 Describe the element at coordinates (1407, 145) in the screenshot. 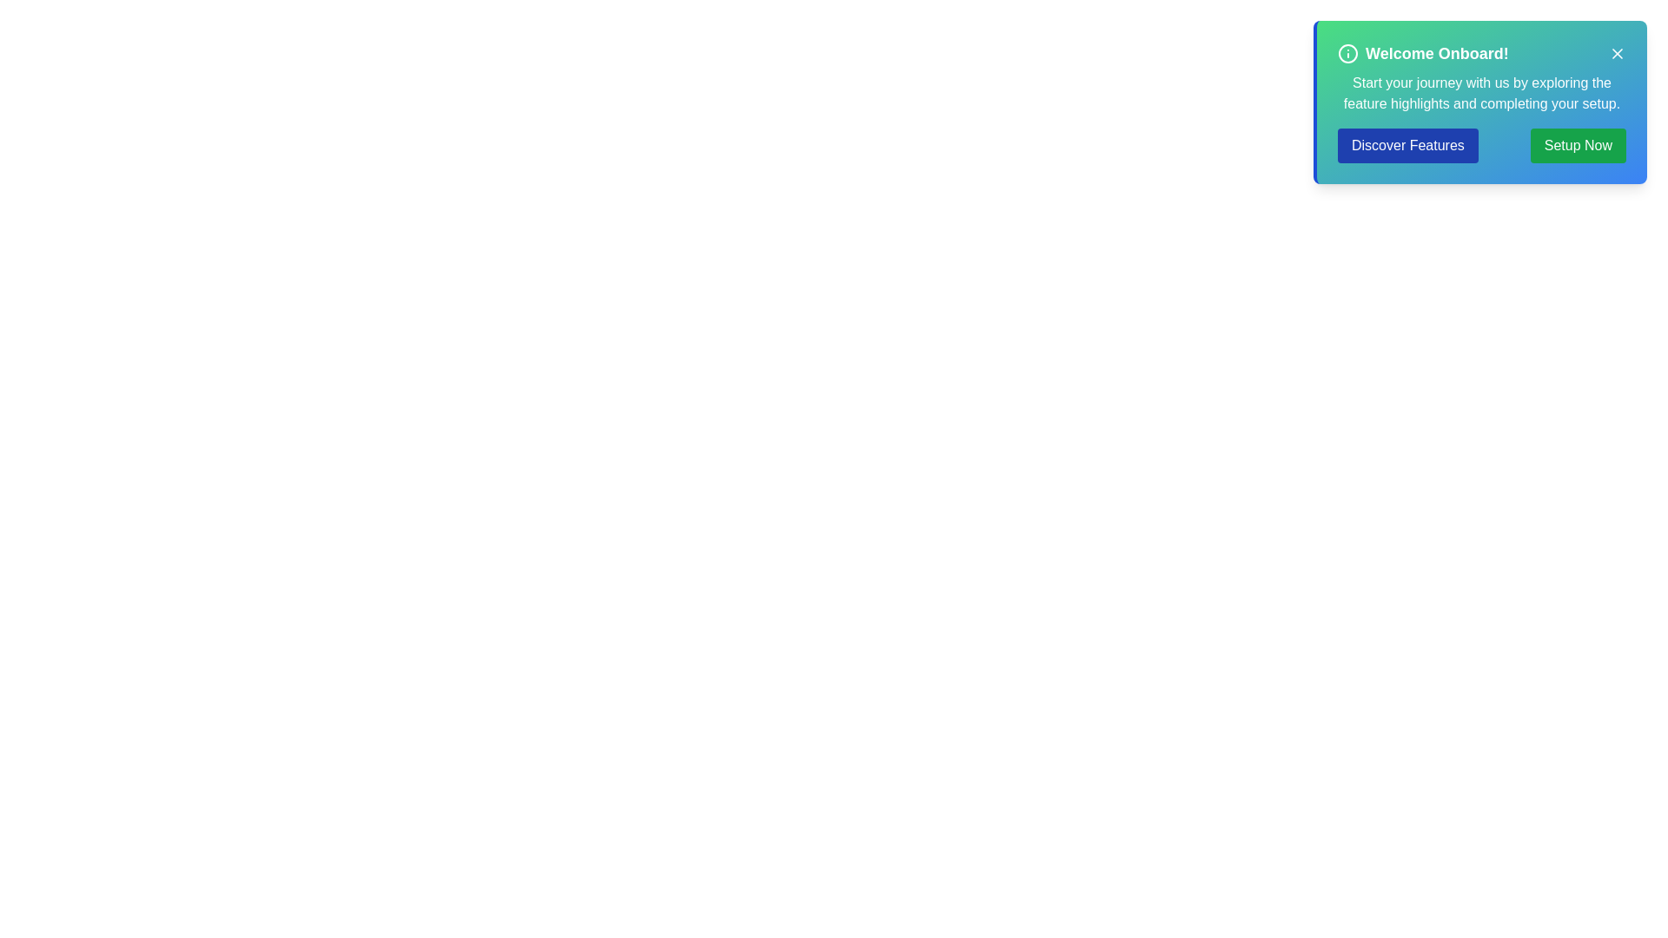

I see `the 'Discover Features' button to explore the feature highlights` at that location.